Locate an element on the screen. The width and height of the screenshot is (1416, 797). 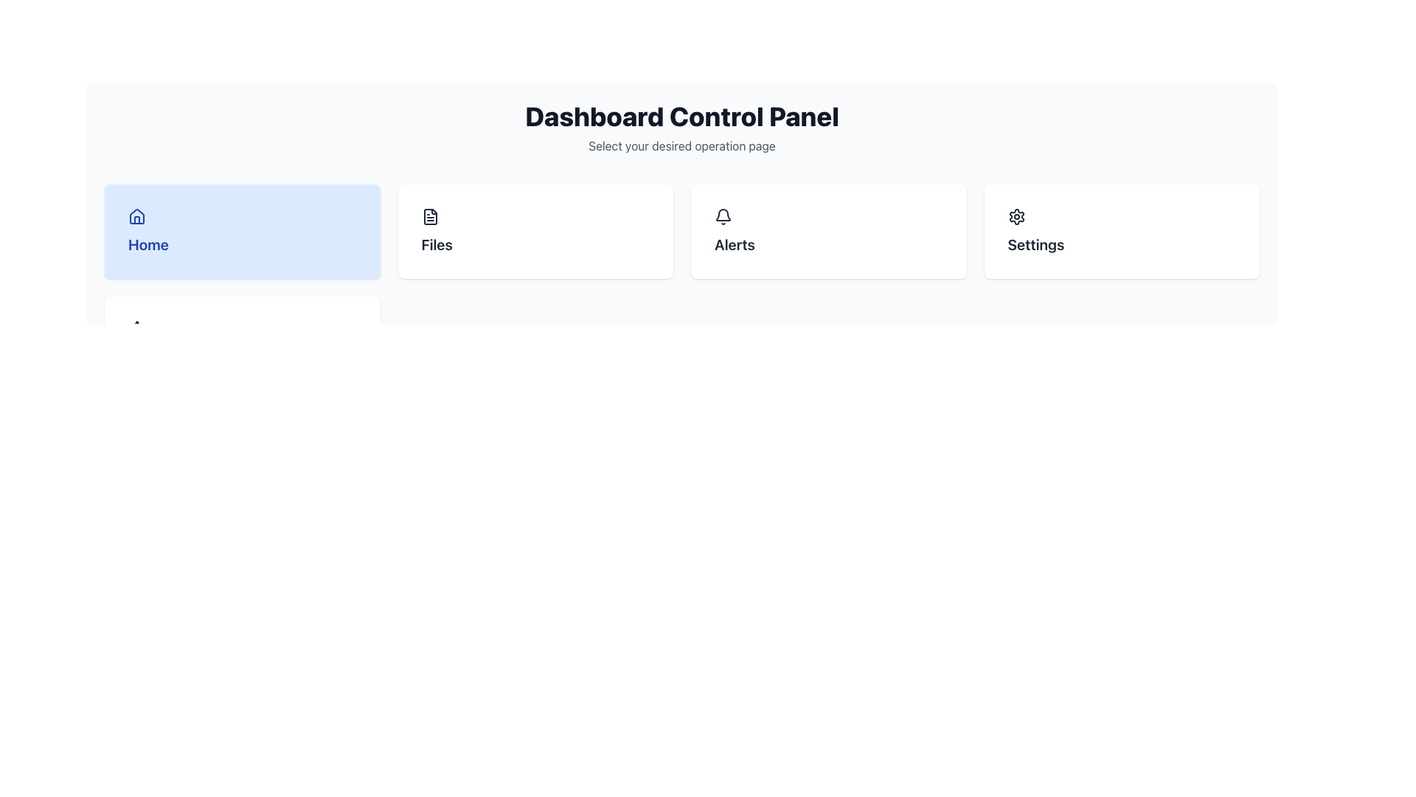
the gear-shaped icon in the 'Settings' section of the dashboard control panel, positioned on the far right above the word 'Settings' is located at coordinates (1016, 216).